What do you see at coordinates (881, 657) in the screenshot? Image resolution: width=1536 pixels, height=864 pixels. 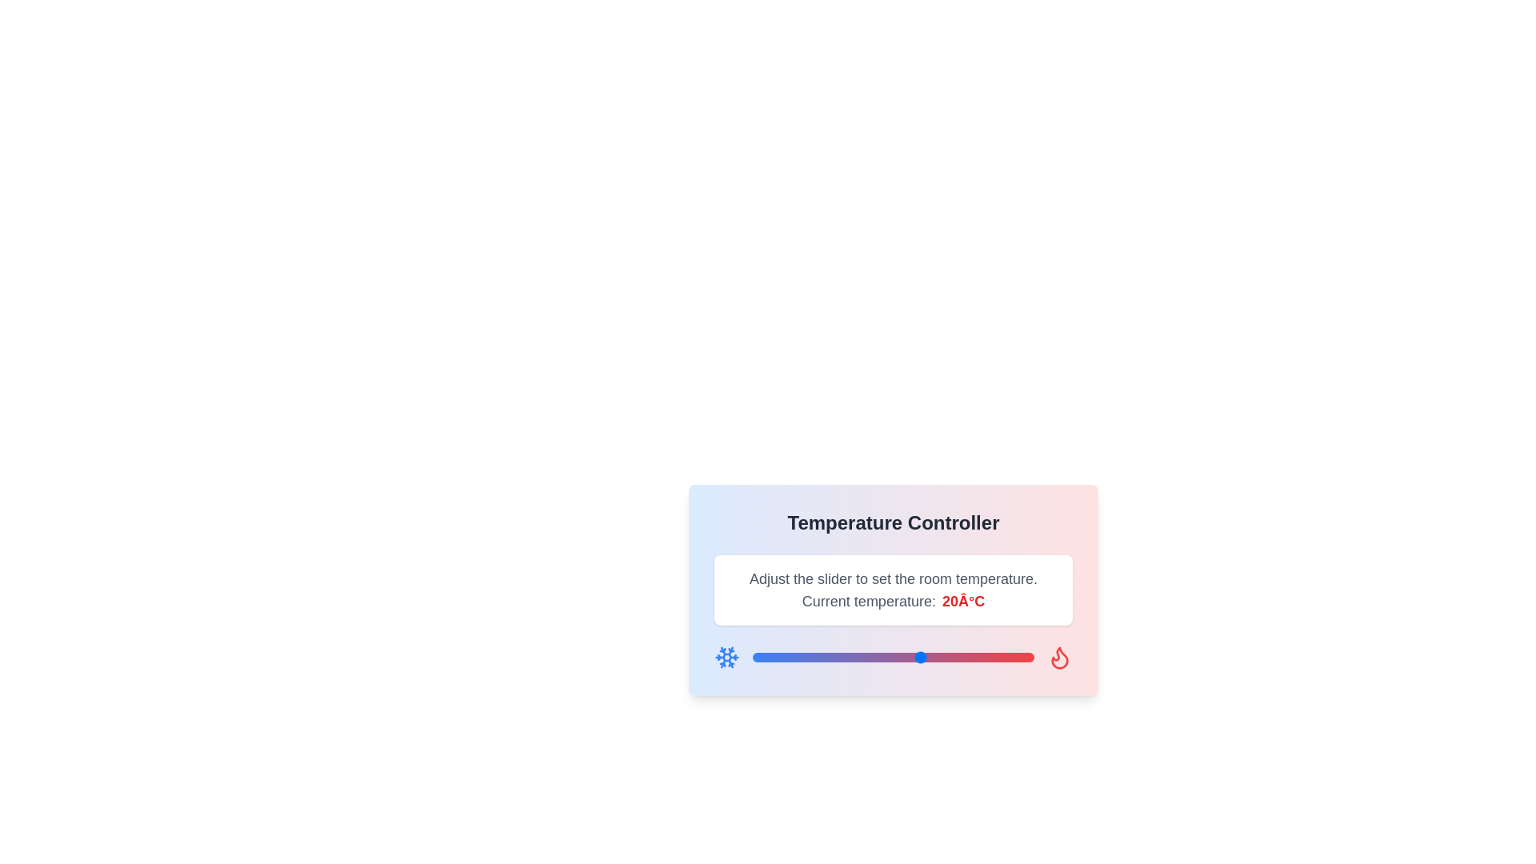 I see `the temperature slider to set the temperature to 13°C` at bounding box center [881, 657].